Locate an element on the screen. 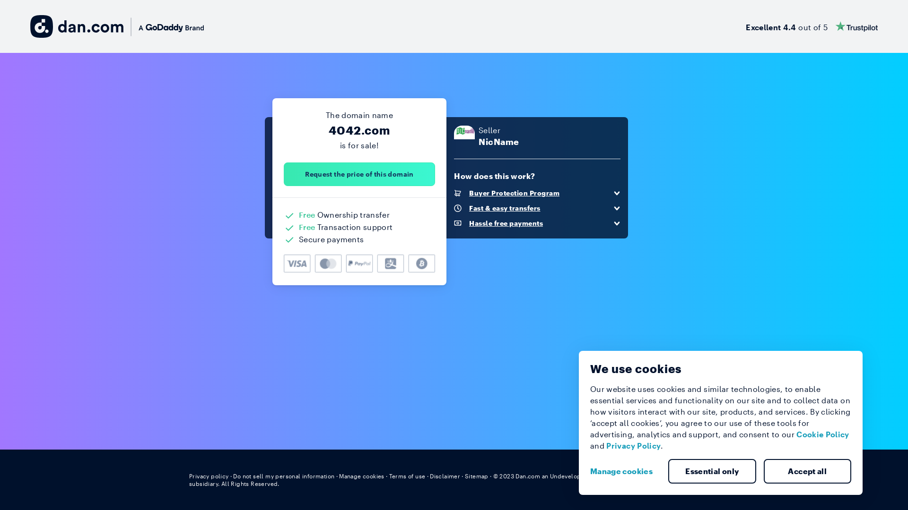 This screenshot has height=510, width=908. 'Request the price of this domain' is located at coordinates (358, 174).